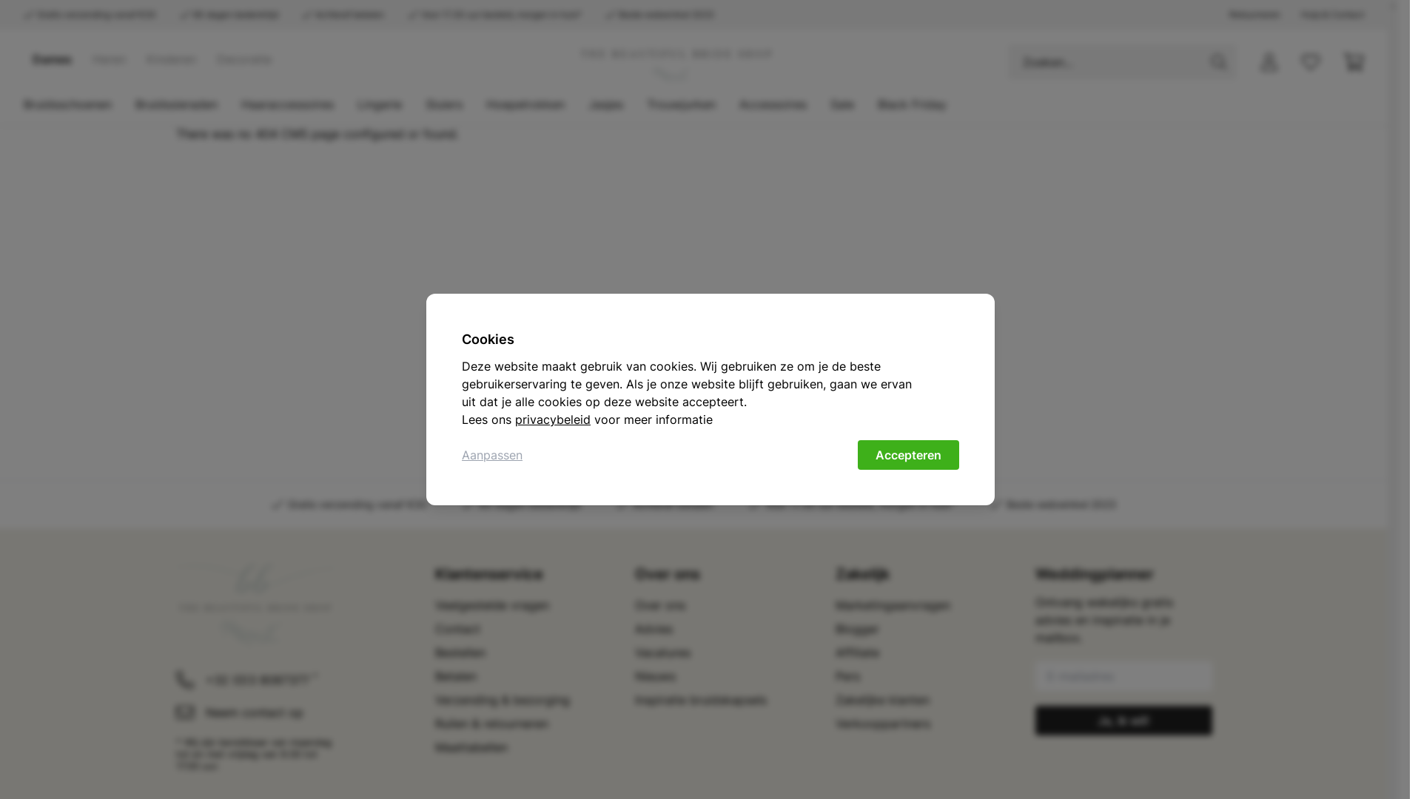  I want to click on 'Ruilen & retourneren', so click(491, 723).